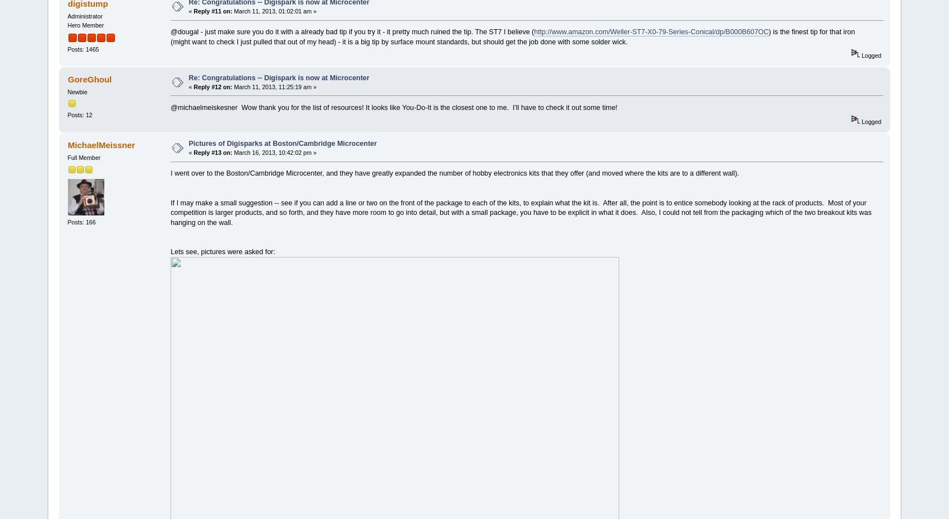 The height and width of the screenshot is (519, 949). Describe the element at coordinates (67, 24) in the screenshot. I see `'Hero Member'` at that location.